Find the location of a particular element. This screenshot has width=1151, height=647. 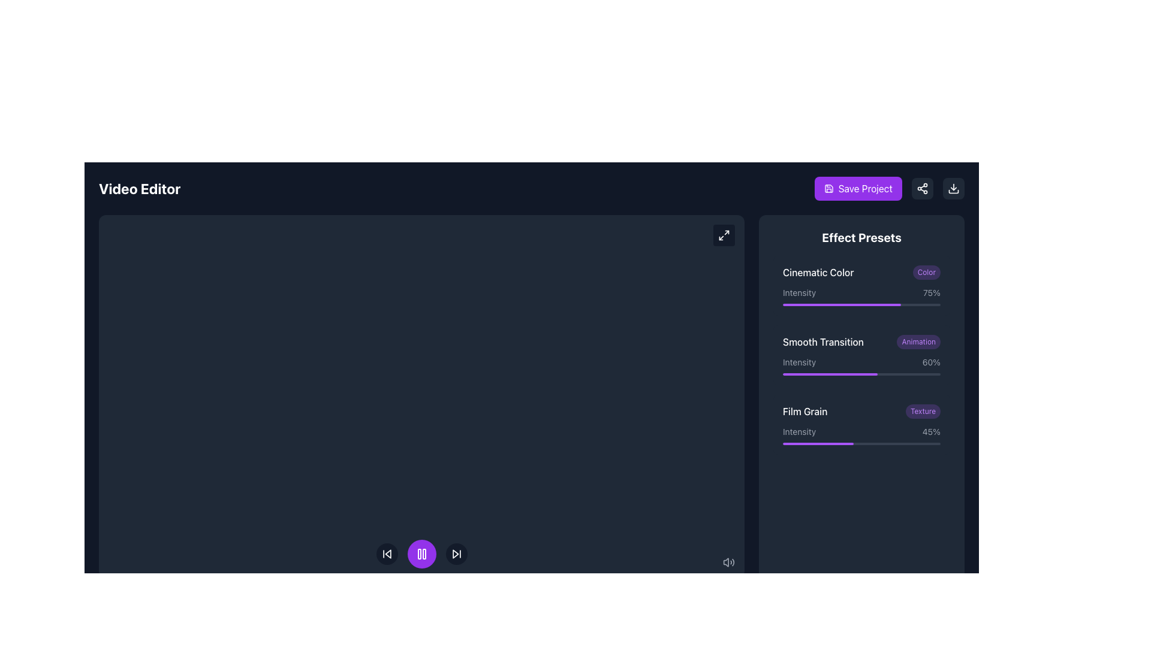

the purple progress bar indicator within the 'Smooth Transition' progress bar in the 'Effect Presets' section, located below the 'Intensity' label is located at coordinates (841, 304).